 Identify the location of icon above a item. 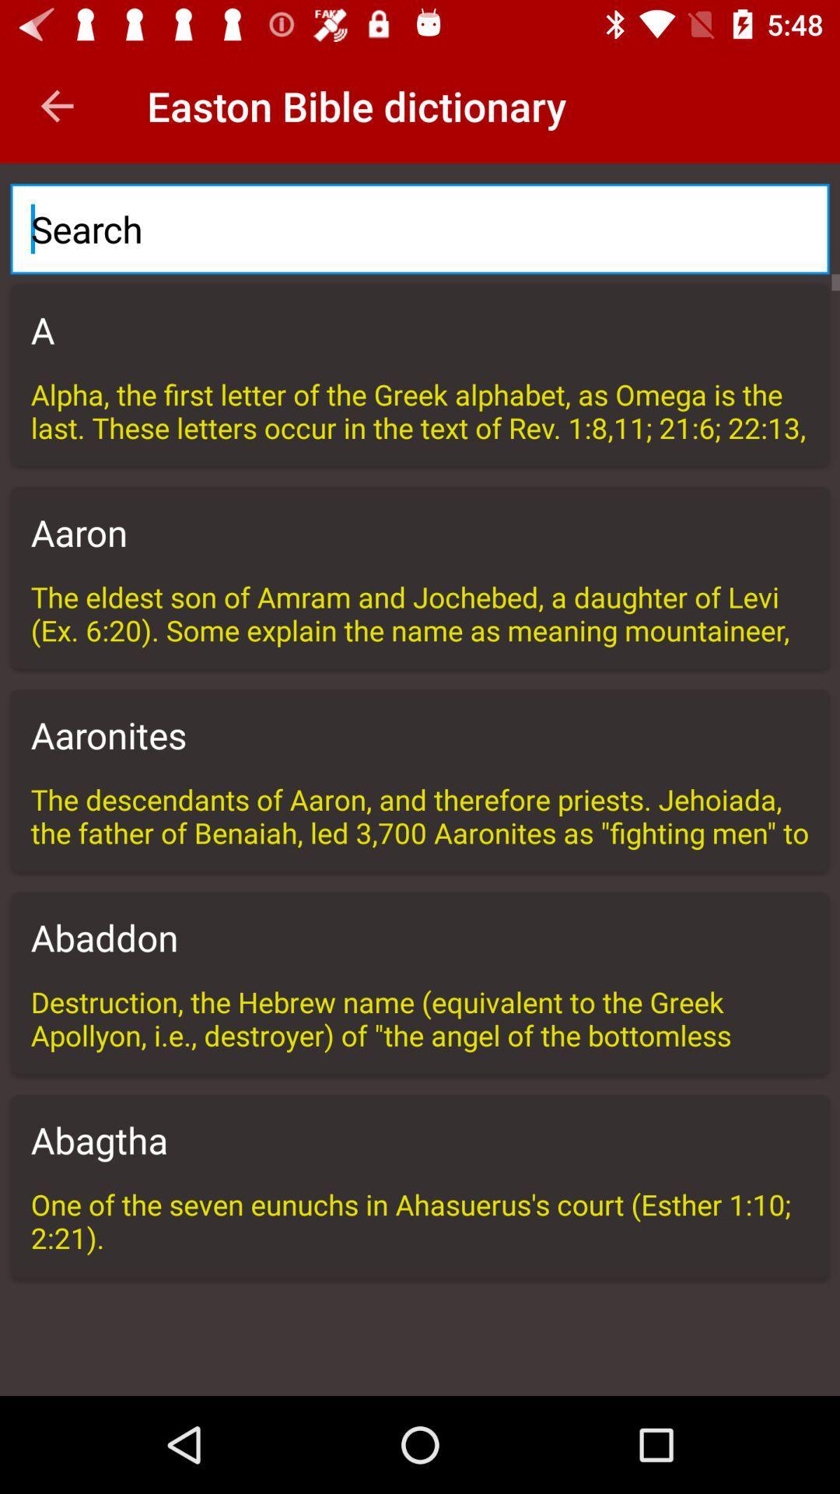
(420, 228).